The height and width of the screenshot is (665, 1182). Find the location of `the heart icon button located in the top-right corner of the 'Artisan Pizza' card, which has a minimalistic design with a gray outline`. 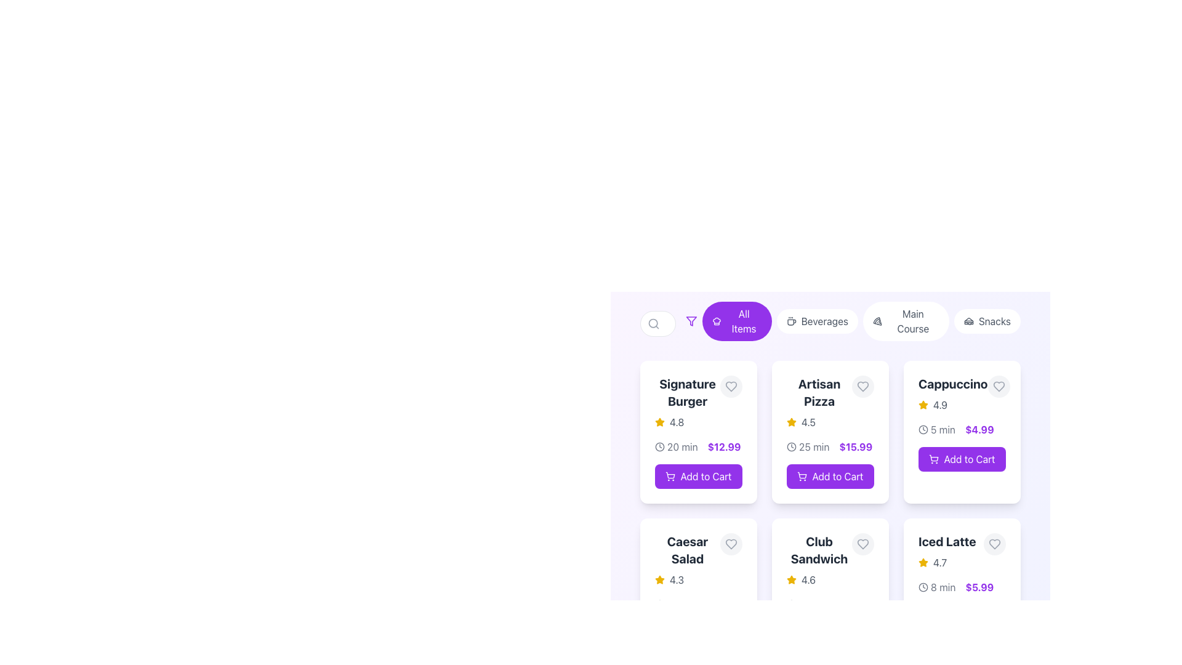

the heart icon button located in the top-right corner of the 'Artisan Pizza' card, which has a minimalistic design with a gray outline is located at coordinates (862, 386).